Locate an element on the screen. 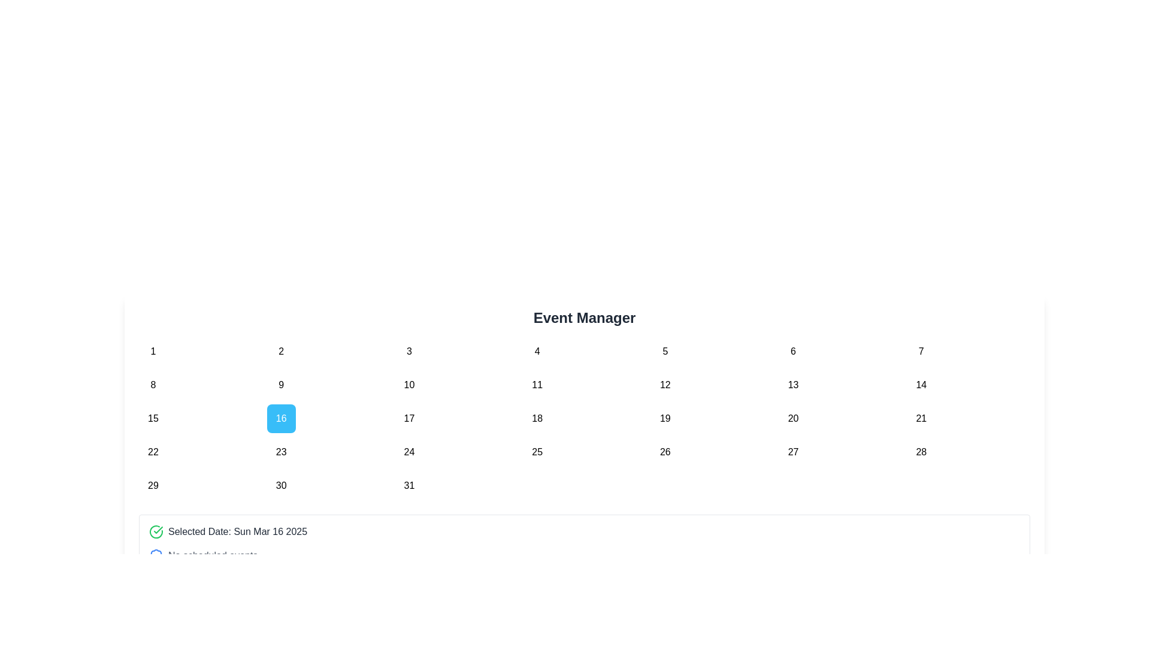 The width and height of the screenshot is (1150, 647). the square button with rounded corners displaying the number '12' is located at coordinates (664, 385).